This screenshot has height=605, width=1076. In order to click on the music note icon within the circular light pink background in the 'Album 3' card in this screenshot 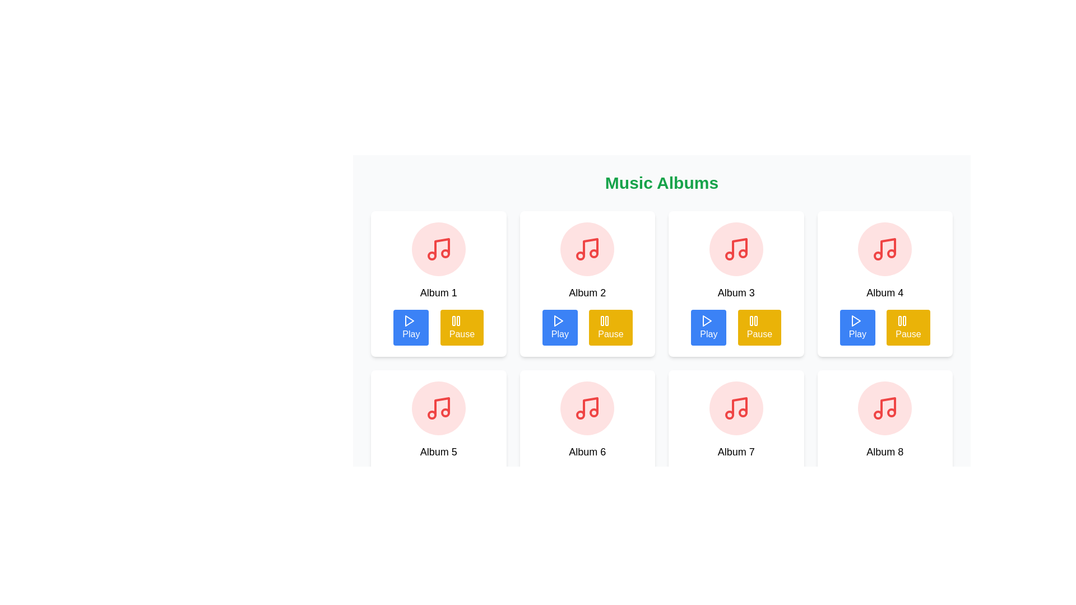, I will do `click(736, 248)`.